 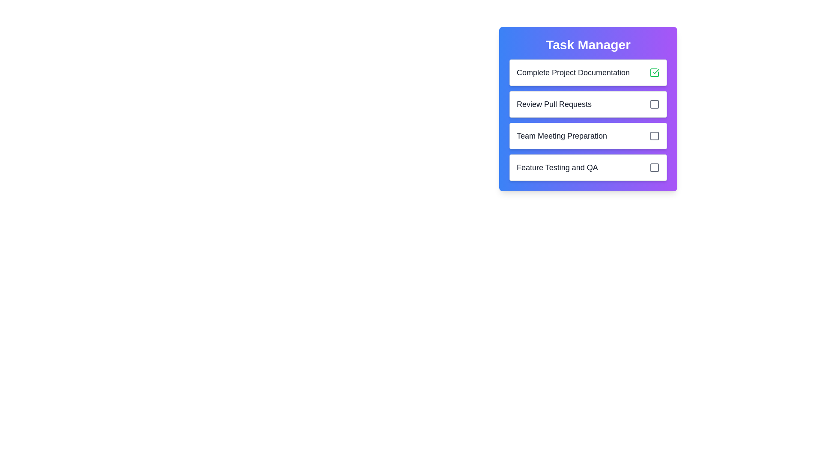 What do you see at coordinates (573, 72) in the screenshot?
I see `the text label displaying the name of a completed task in the task management system, located below the 'Task Manager' header and next to a green checkmark icon` at bounding box center [573, 72].